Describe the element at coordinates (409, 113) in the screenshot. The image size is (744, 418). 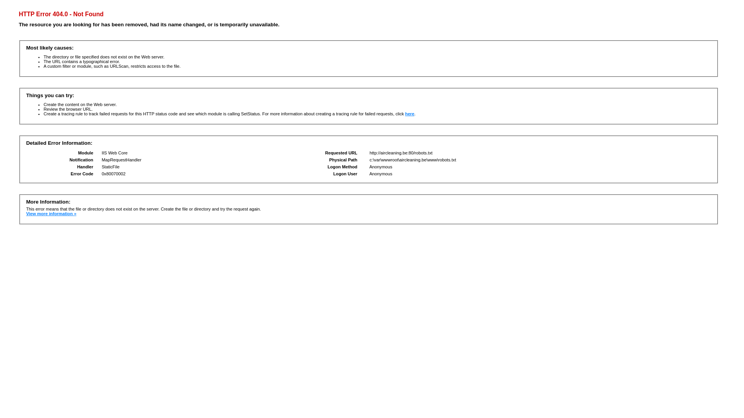
I see `'here'` at that location.